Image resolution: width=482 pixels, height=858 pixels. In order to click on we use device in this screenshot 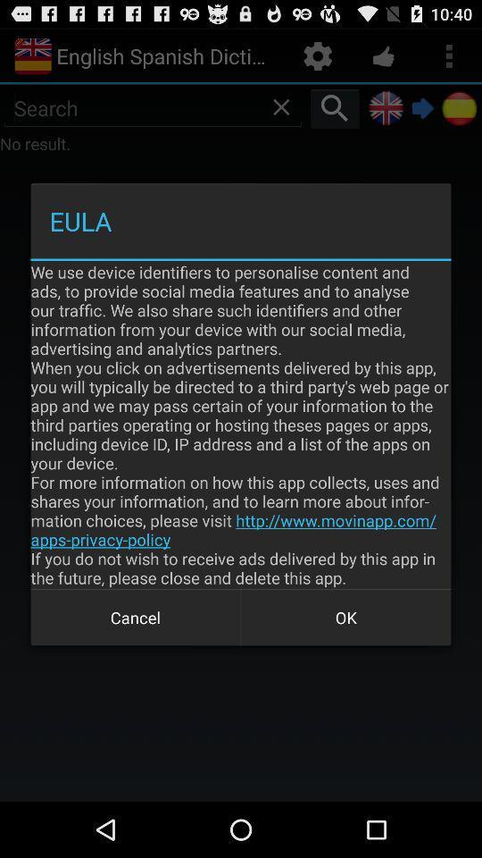, I will do `click(241, 425)`.